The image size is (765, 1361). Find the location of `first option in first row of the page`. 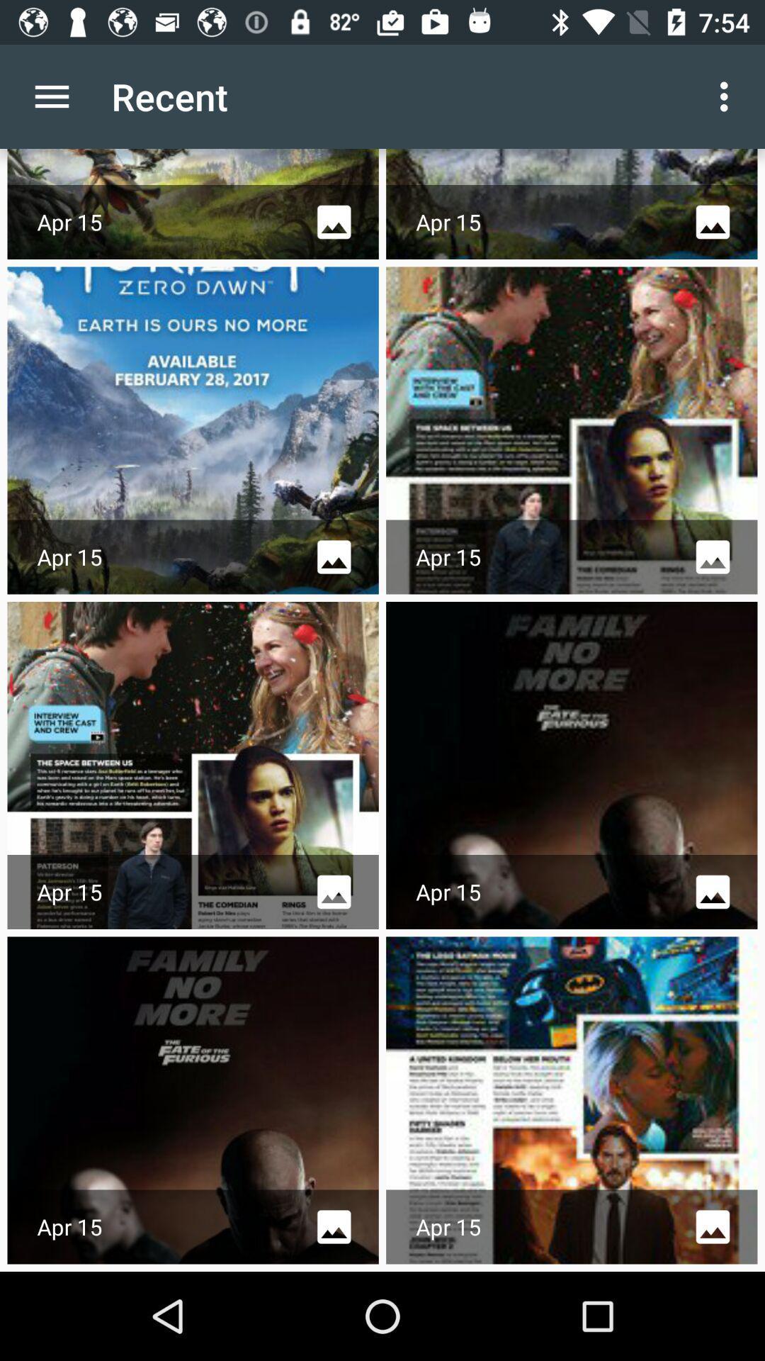

first option in first row of the page is located at coordinates (193, 203).